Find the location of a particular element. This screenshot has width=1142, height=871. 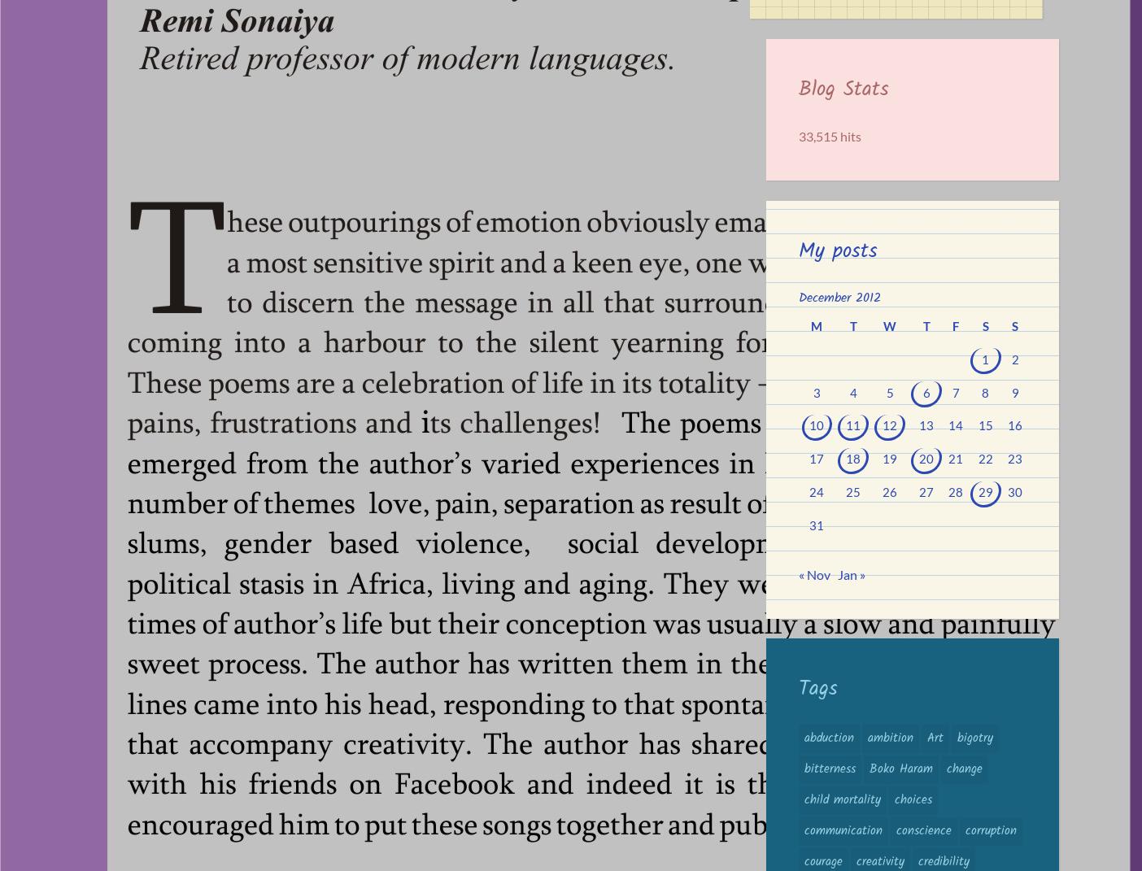

'31' is located at coordinates (817, 524).